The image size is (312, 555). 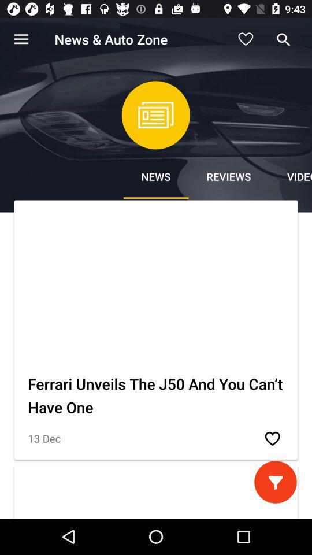 I want to click on the filter icon, so click(x=274, y=482).